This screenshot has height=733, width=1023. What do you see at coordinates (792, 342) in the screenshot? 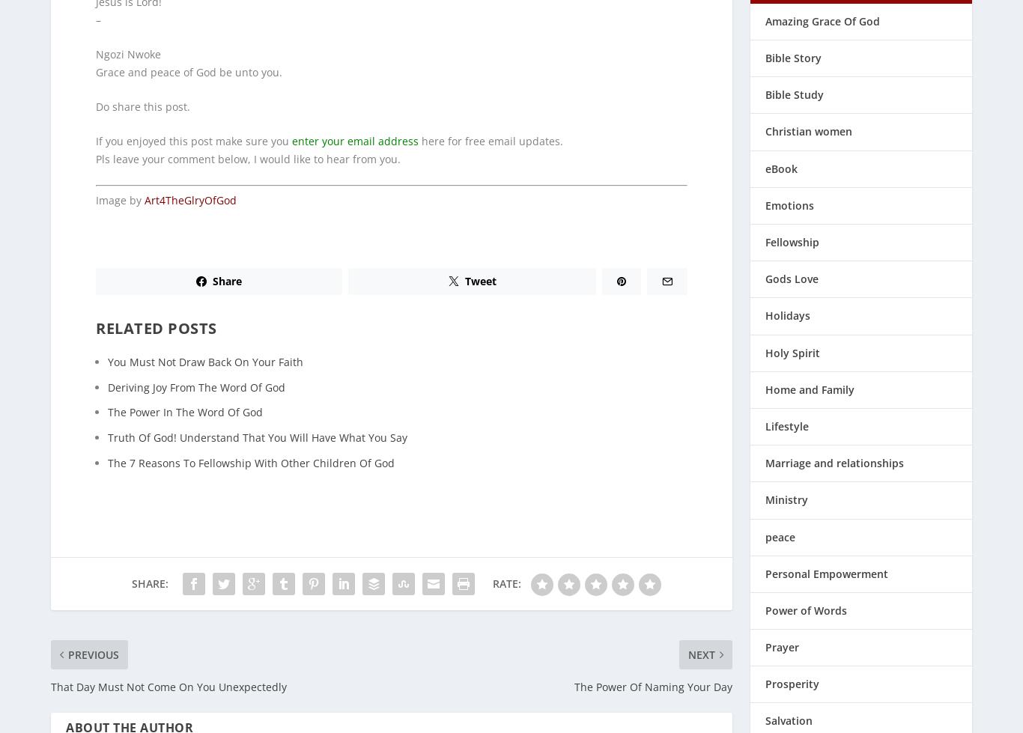
I see `'Holy Spirit'` at bounding box center [792, 342].